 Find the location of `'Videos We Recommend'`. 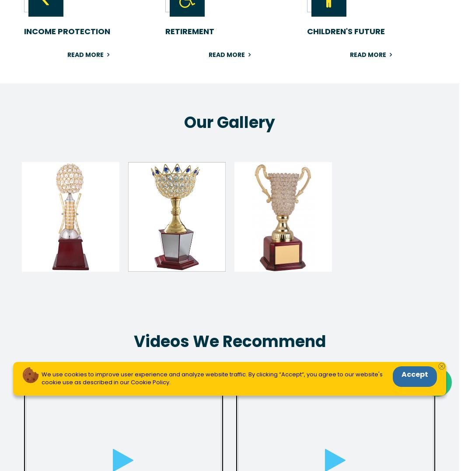

'Videos We Recommend' is located at coordinates (229, 341).